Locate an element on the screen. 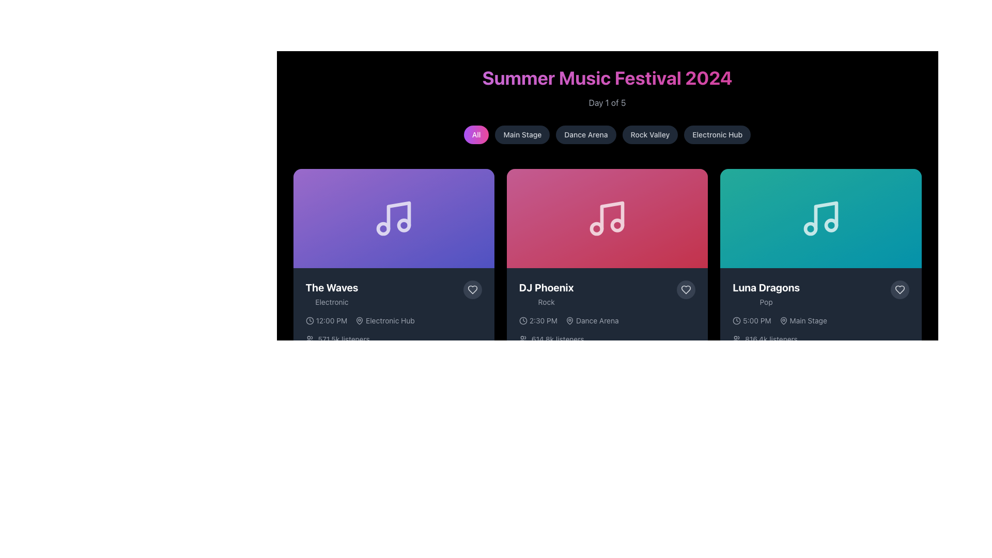  the prominently displayed heading text element with the phrase 'Summer Music Festival 2024', which is styled in a large, bold font with a gradient from purple to pink is located at coordinates (607, 77).